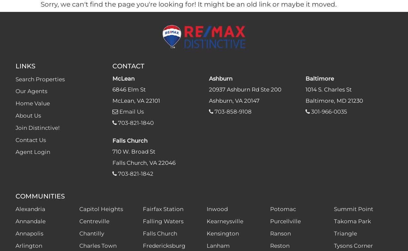  What do you see at coordinates (37, 127) in the screenshot?
I see `'Join Distinctive!'` at bounding box center [37, 127].